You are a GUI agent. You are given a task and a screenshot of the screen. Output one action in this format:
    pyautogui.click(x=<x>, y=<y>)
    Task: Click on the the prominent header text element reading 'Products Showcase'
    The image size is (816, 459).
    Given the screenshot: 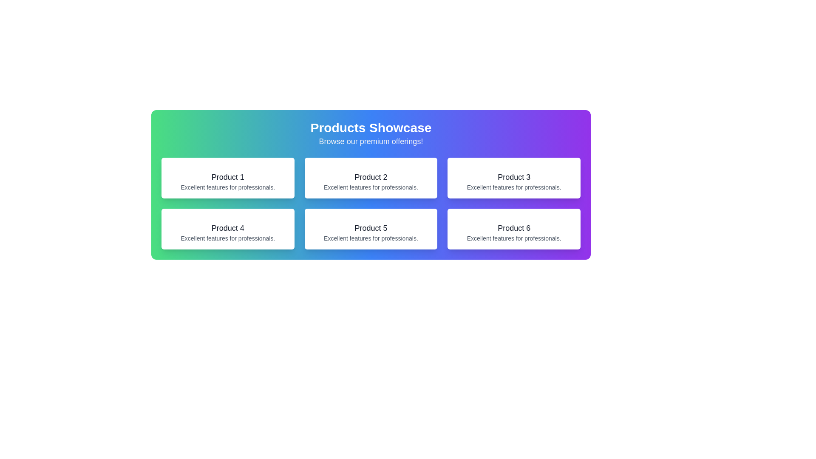 What is the action you would take?
    pyautogui.click(x=371, y=127)
    